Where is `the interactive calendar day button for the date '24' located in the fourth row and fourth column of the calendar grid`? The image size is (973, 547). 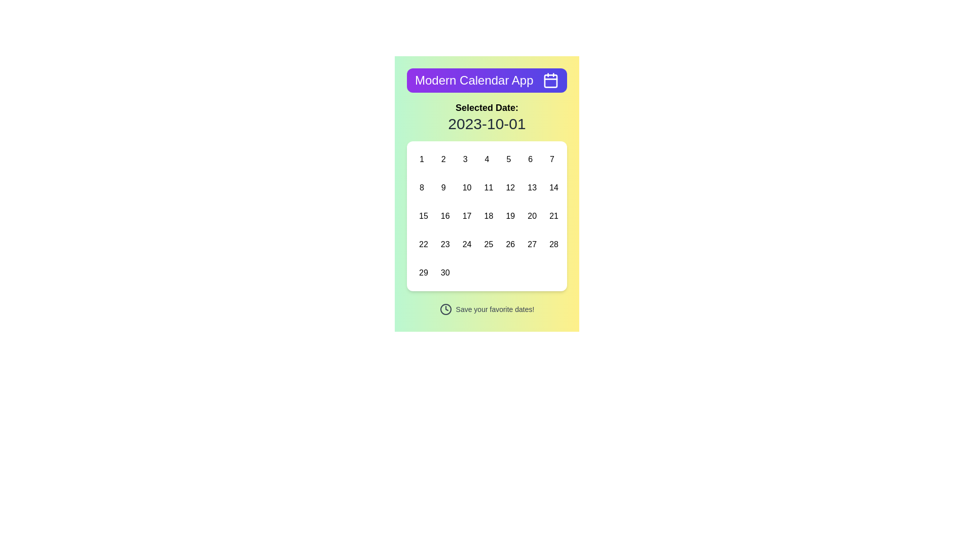 the interactive calendar day button for the date '24' located in the fourth row and fourth column of the calendar grid is located at coordinates (464, 244).